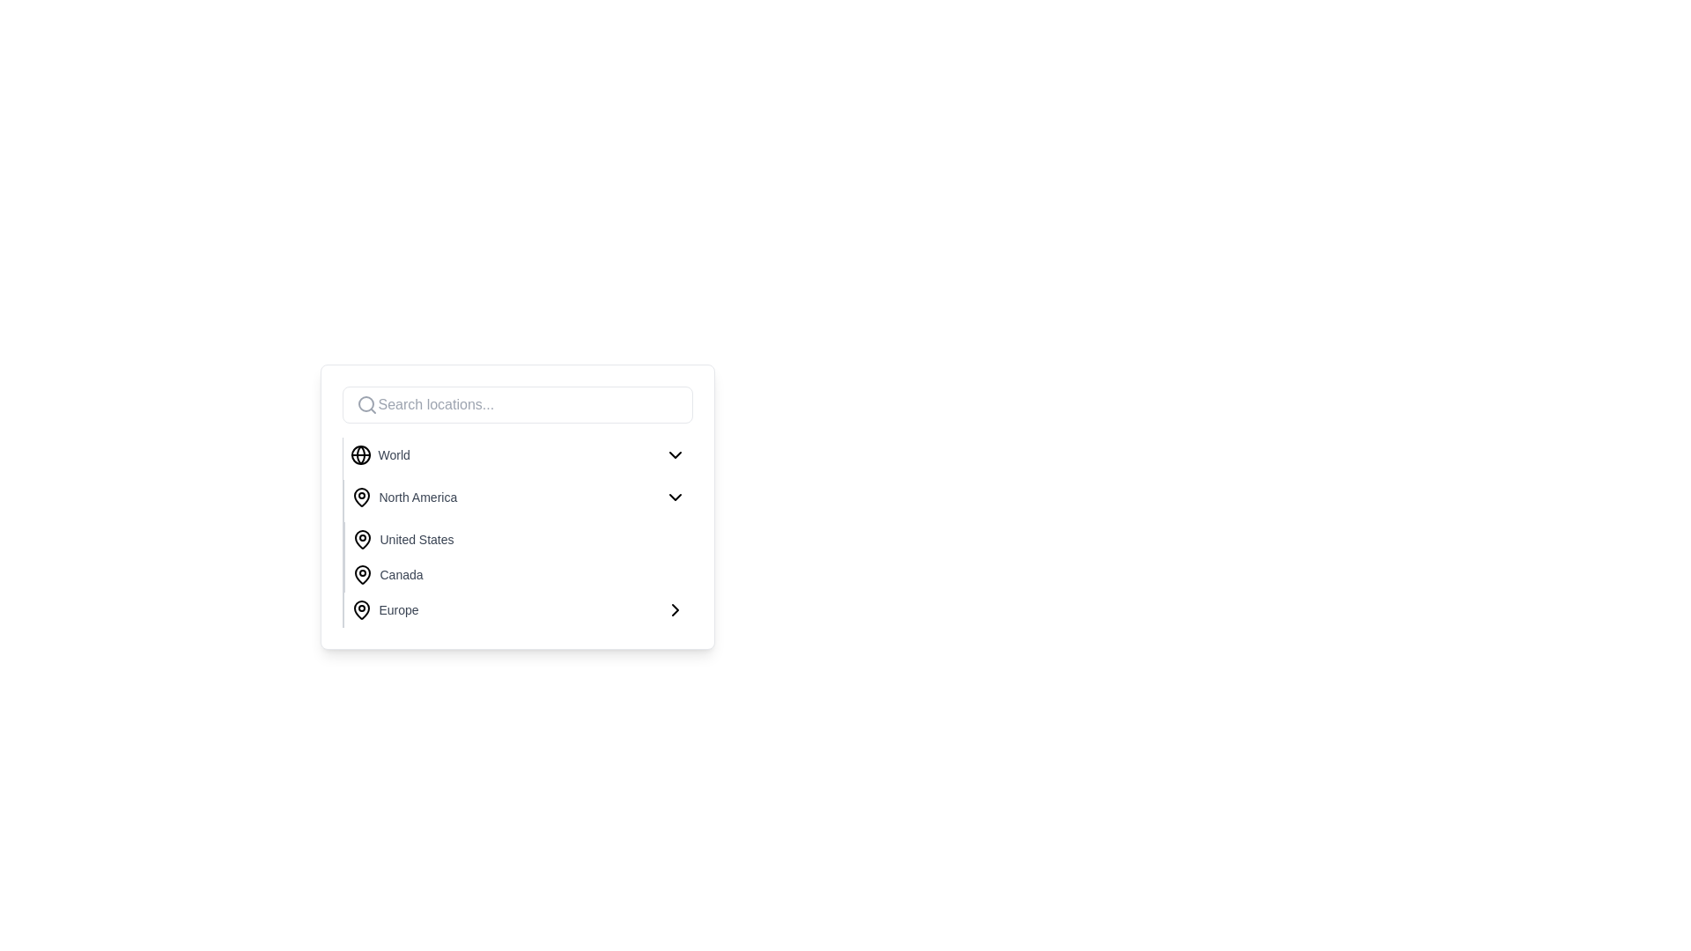 Image resolution: width=1691 pixels, height=951 pixels. I want to click on the dropdown list component featuring geographical locations, so click(516, 522).